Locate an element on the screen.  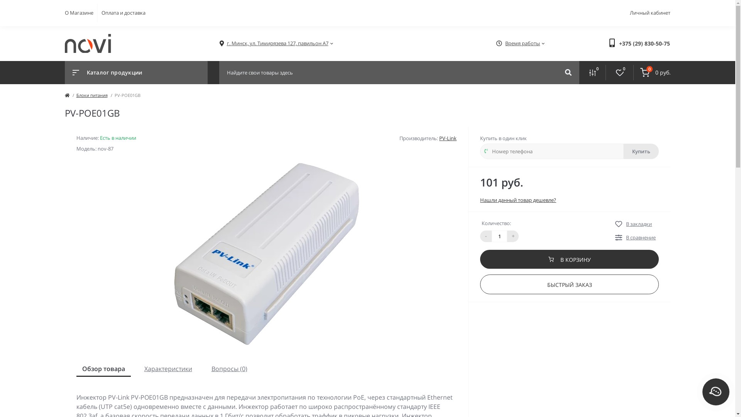
'+375 (29) 830-50-75' is located at coordinates (619, 43).